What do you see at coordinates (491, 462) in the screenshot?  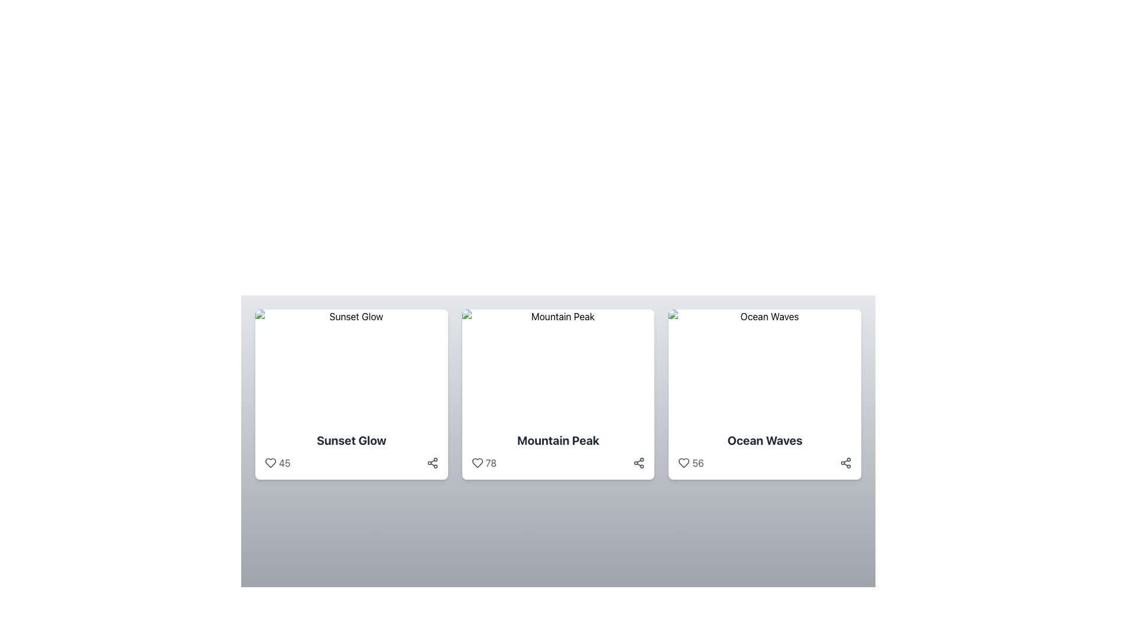 I see `the text label displaying the number '78' in dark gray color, located in the bottom-left corner of the 'Mountain Peak' card, adjacent to a heart icon` at bounding box center [491, 462].